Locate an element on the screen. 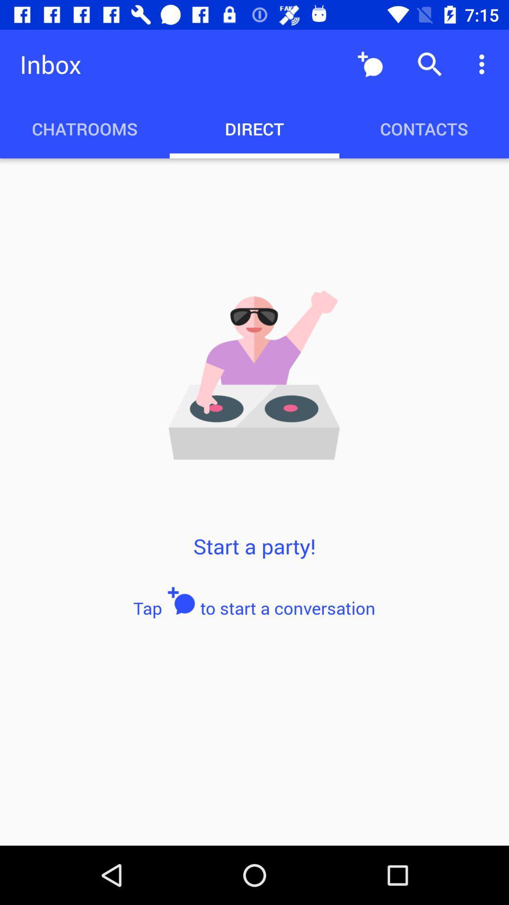 This screenshot has width=509, height=905. item above contacts item is located at coordinates (370, 64).